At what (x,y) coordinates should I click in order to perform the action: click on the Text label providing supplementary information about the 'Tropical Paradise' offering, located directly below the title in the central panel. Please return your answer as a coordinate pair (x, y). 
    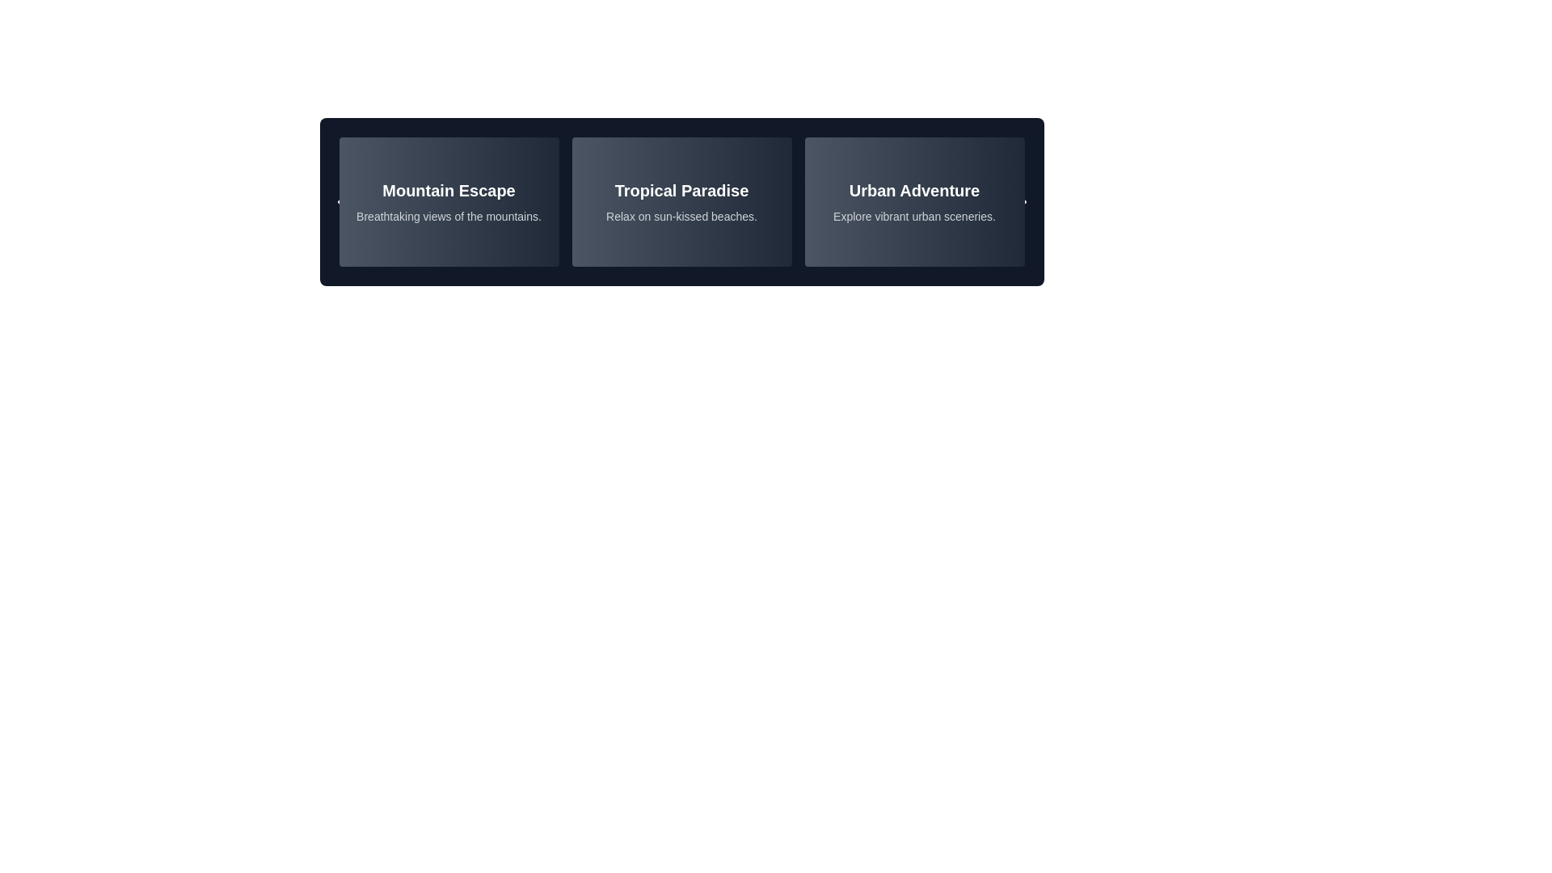
    Looking at the image, I should click on (681, 215).